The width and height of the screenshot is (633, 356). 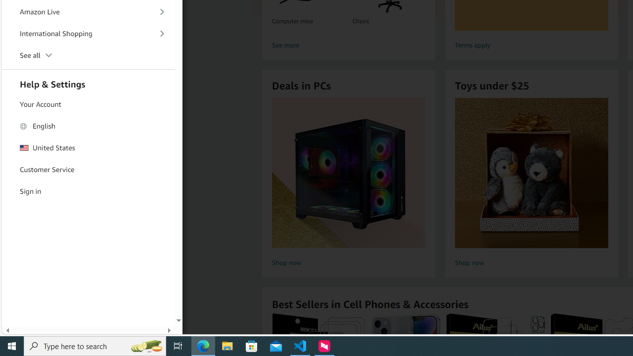 I want to click on 'United States', so click(x=89, y=148).